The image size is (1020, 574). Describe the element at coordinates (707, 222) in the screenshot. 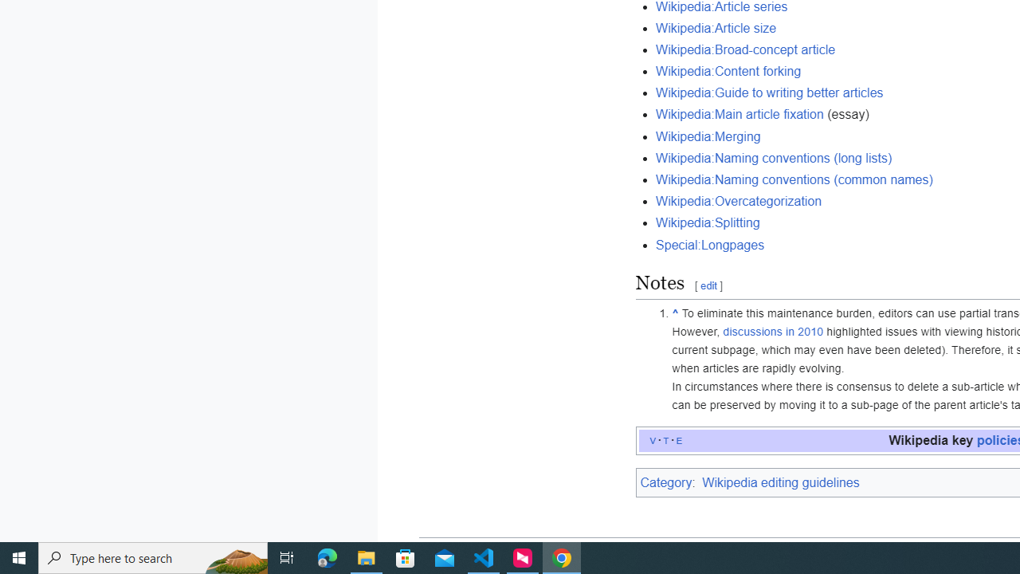

I see `'Wikipedia:Splitting'` at that location.